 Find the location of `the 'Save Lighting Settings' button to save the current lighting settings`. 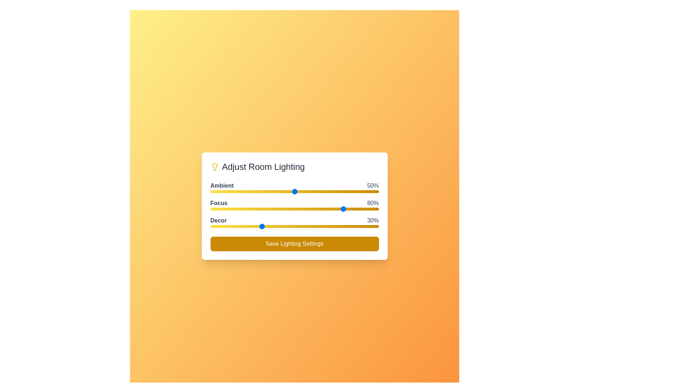

the 'Save Lighting Settings' button to save the current lighting settings is located at coordinates (294, 244).